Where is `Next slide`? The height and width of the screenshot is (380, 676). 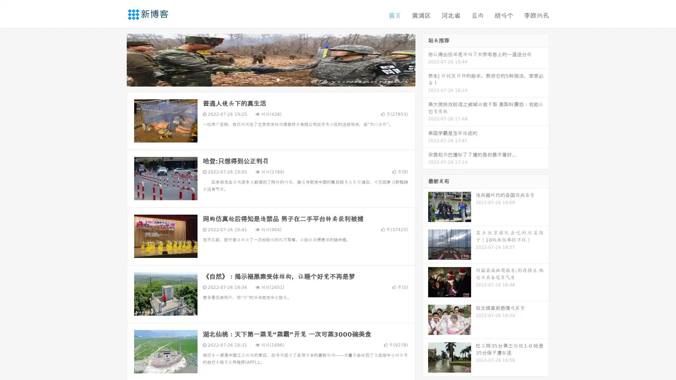 Next slide is located at coordinates (425, 59).